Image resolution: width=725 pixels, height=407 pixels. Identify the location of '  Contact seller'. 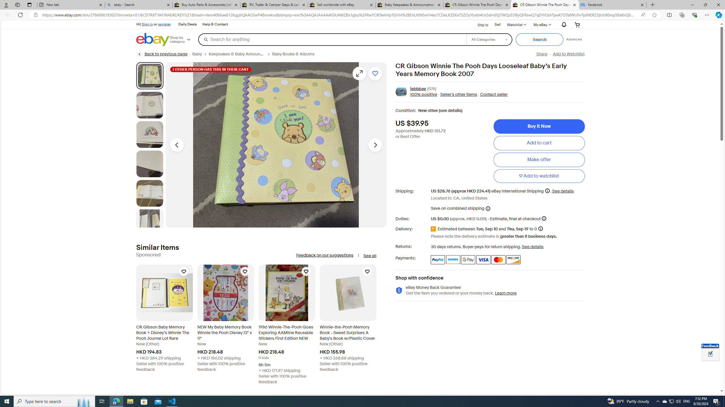
(492, 94).